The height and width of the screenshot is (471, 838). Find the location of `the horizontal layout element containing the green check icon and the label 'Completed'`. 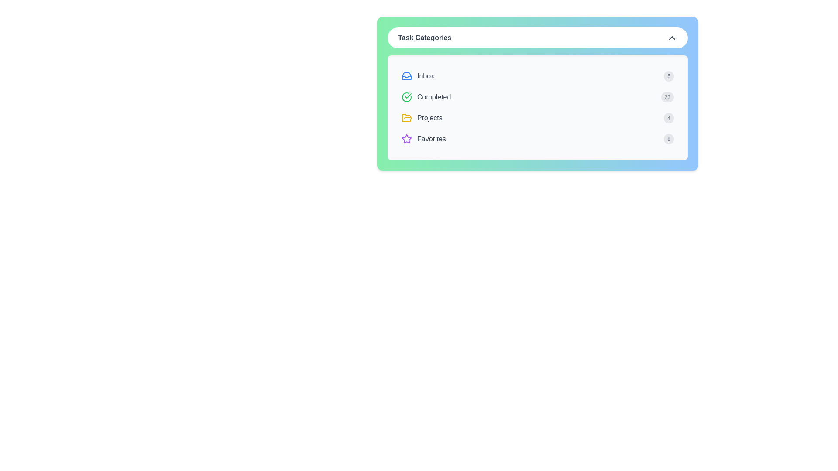

the horizontal layout element containing the green check icon and the label 'Completed' is located at coordinates (426, 97).